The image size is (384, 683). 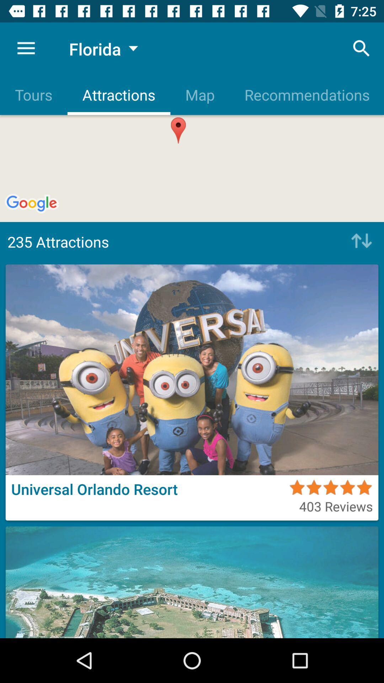 I want to click on the tours app, so click(x=33, y=94).